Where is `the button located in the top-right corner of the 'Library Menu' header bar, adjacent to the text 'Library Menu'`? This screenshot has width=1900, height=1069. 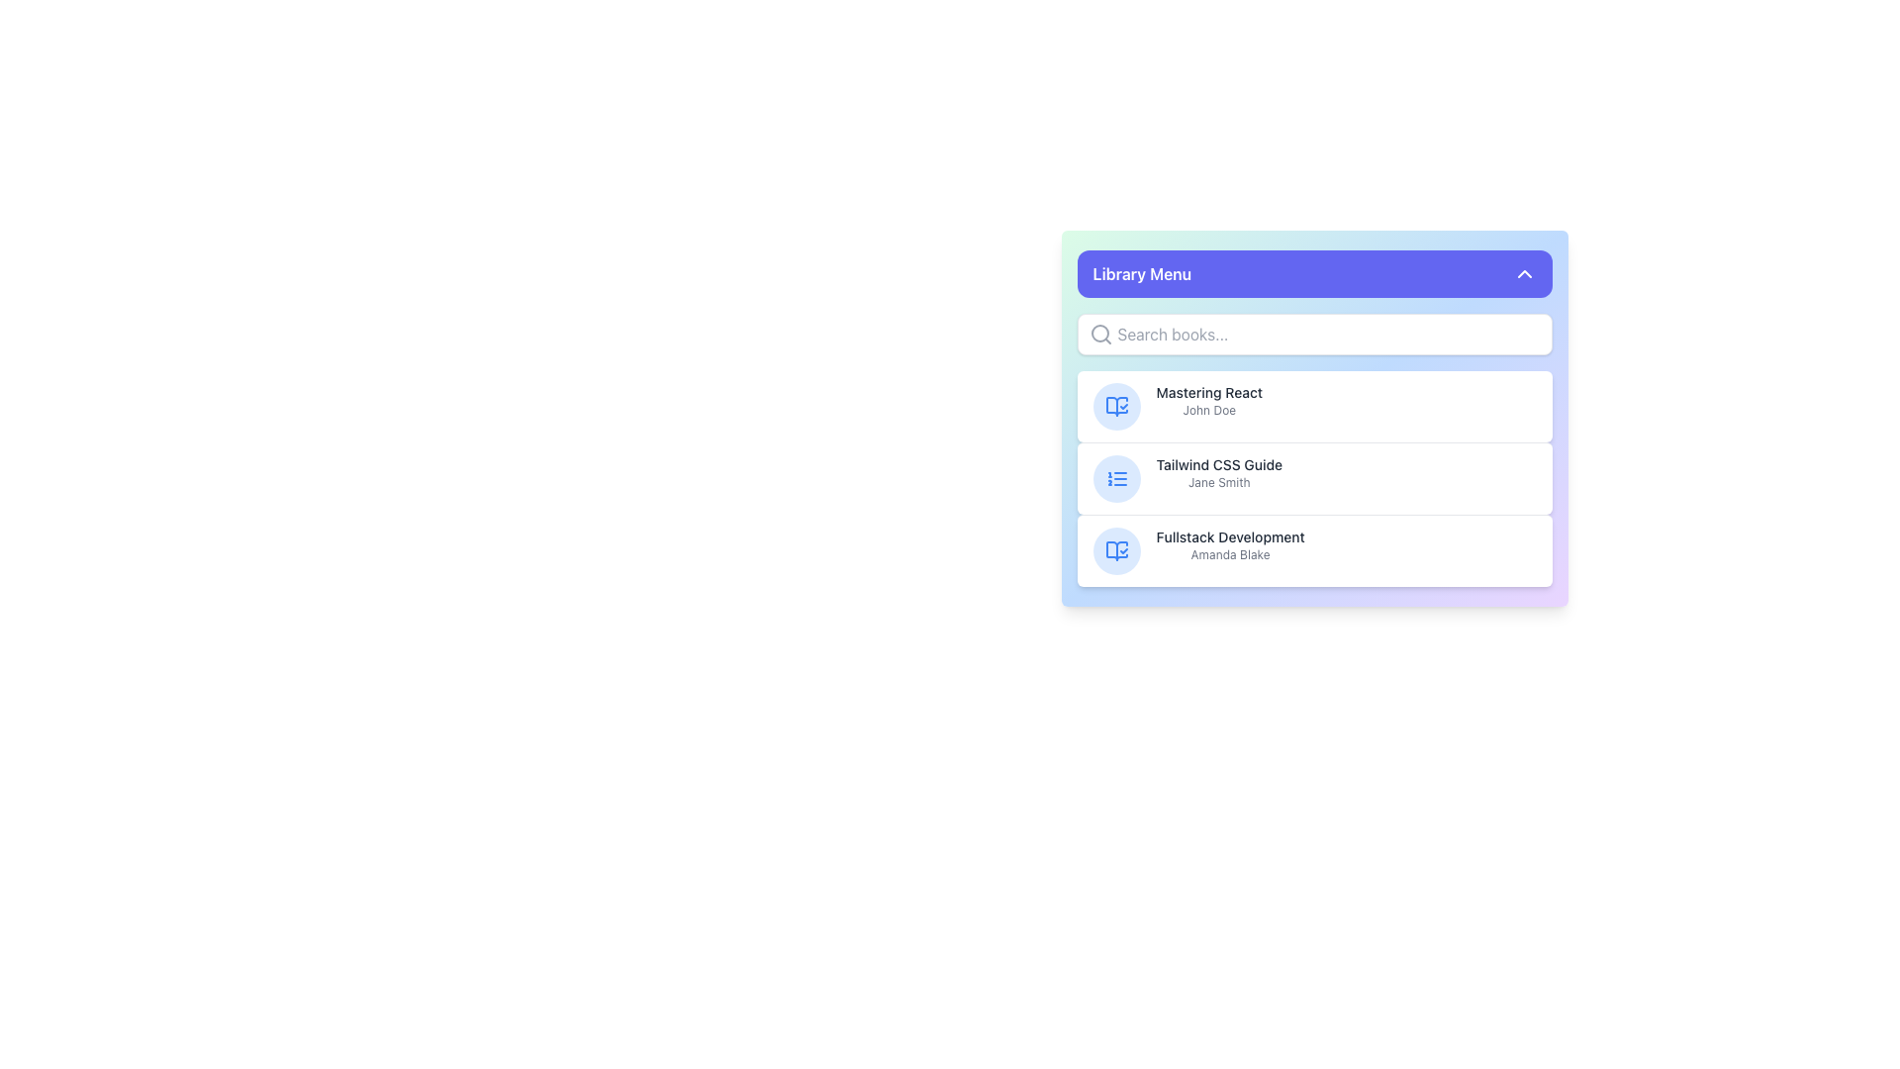 the button located in the top-right corner of the 'Library Menu' header bar, adjacent to the text 'Library Menu' is located at coordinates (1523, 274).